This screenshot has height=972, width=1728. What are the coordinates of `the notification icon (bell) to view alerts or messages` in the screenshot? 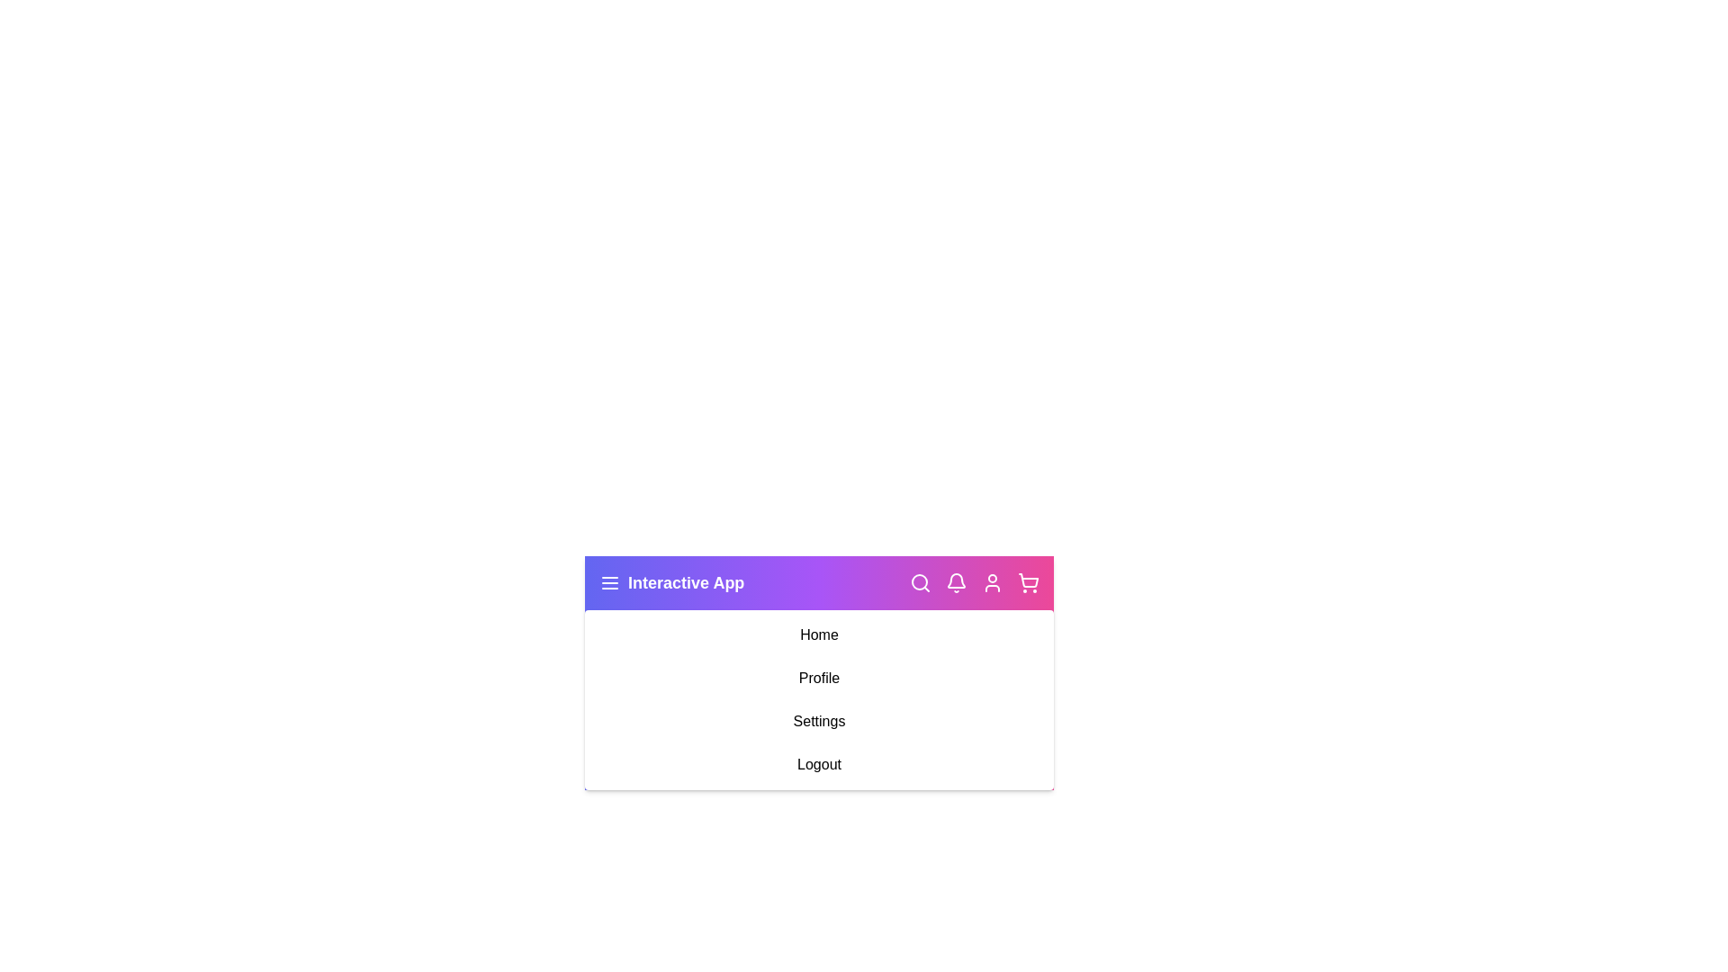 It's located at (955, 583).